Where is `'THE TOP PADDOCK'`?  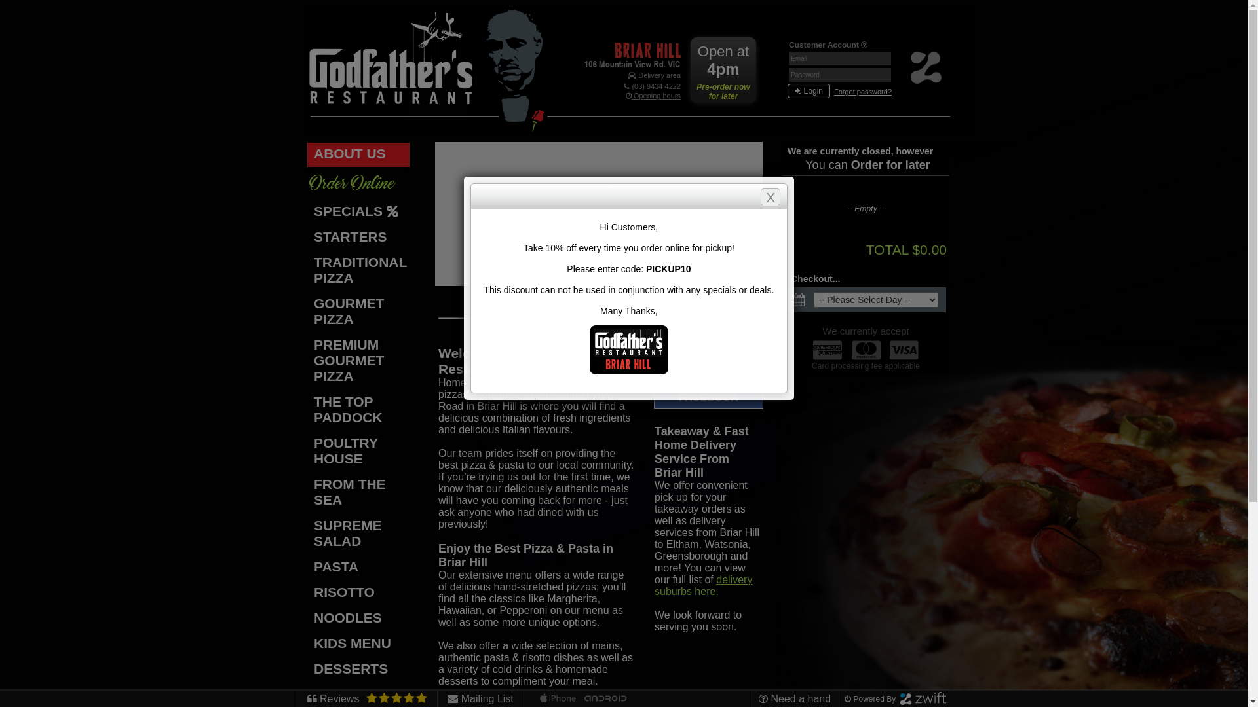
'THE TOP PADDOCK' is located at coordinates (307, 410).